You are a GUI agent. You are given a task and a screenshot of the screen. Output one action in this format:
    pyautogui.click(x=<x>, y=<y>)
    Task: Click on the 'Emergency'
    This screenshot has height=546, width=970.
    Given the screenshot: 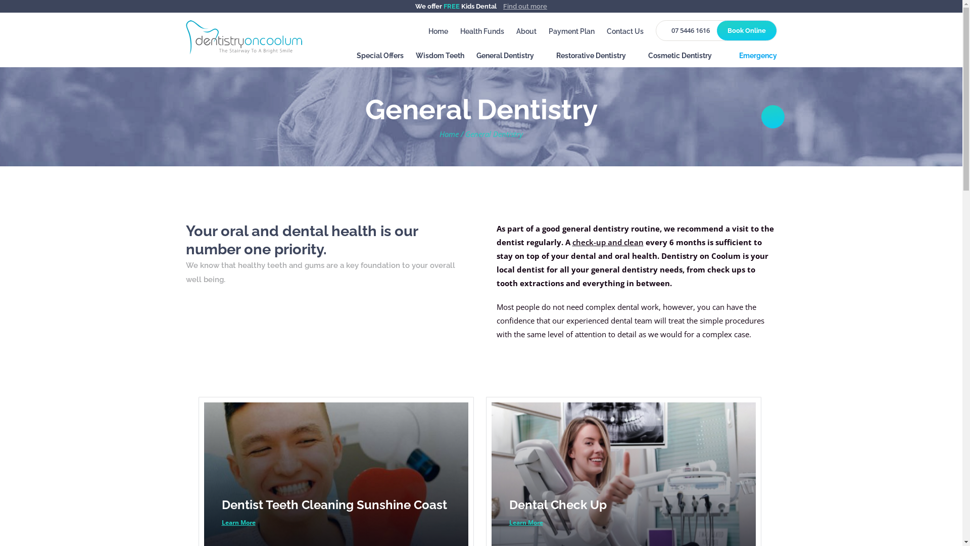 What is the action you would take?
    pyautogui.click(x=755, y=58)
    